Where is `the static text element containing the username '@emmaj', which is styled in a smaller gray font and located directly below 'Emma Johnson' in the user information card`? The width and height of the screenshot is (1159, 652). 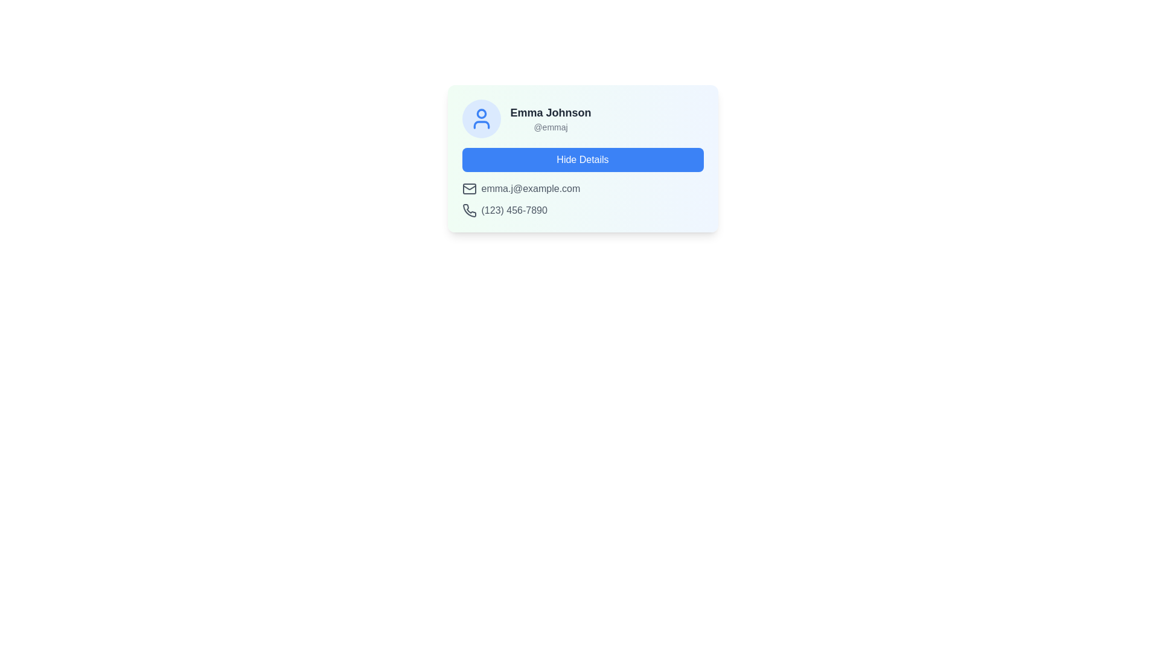 the static text element containing the username '@emmaj', which is styled in a smaller gray font and located directly below 'Emma Johnson' in the user information card is located at coordinates (550, 127).